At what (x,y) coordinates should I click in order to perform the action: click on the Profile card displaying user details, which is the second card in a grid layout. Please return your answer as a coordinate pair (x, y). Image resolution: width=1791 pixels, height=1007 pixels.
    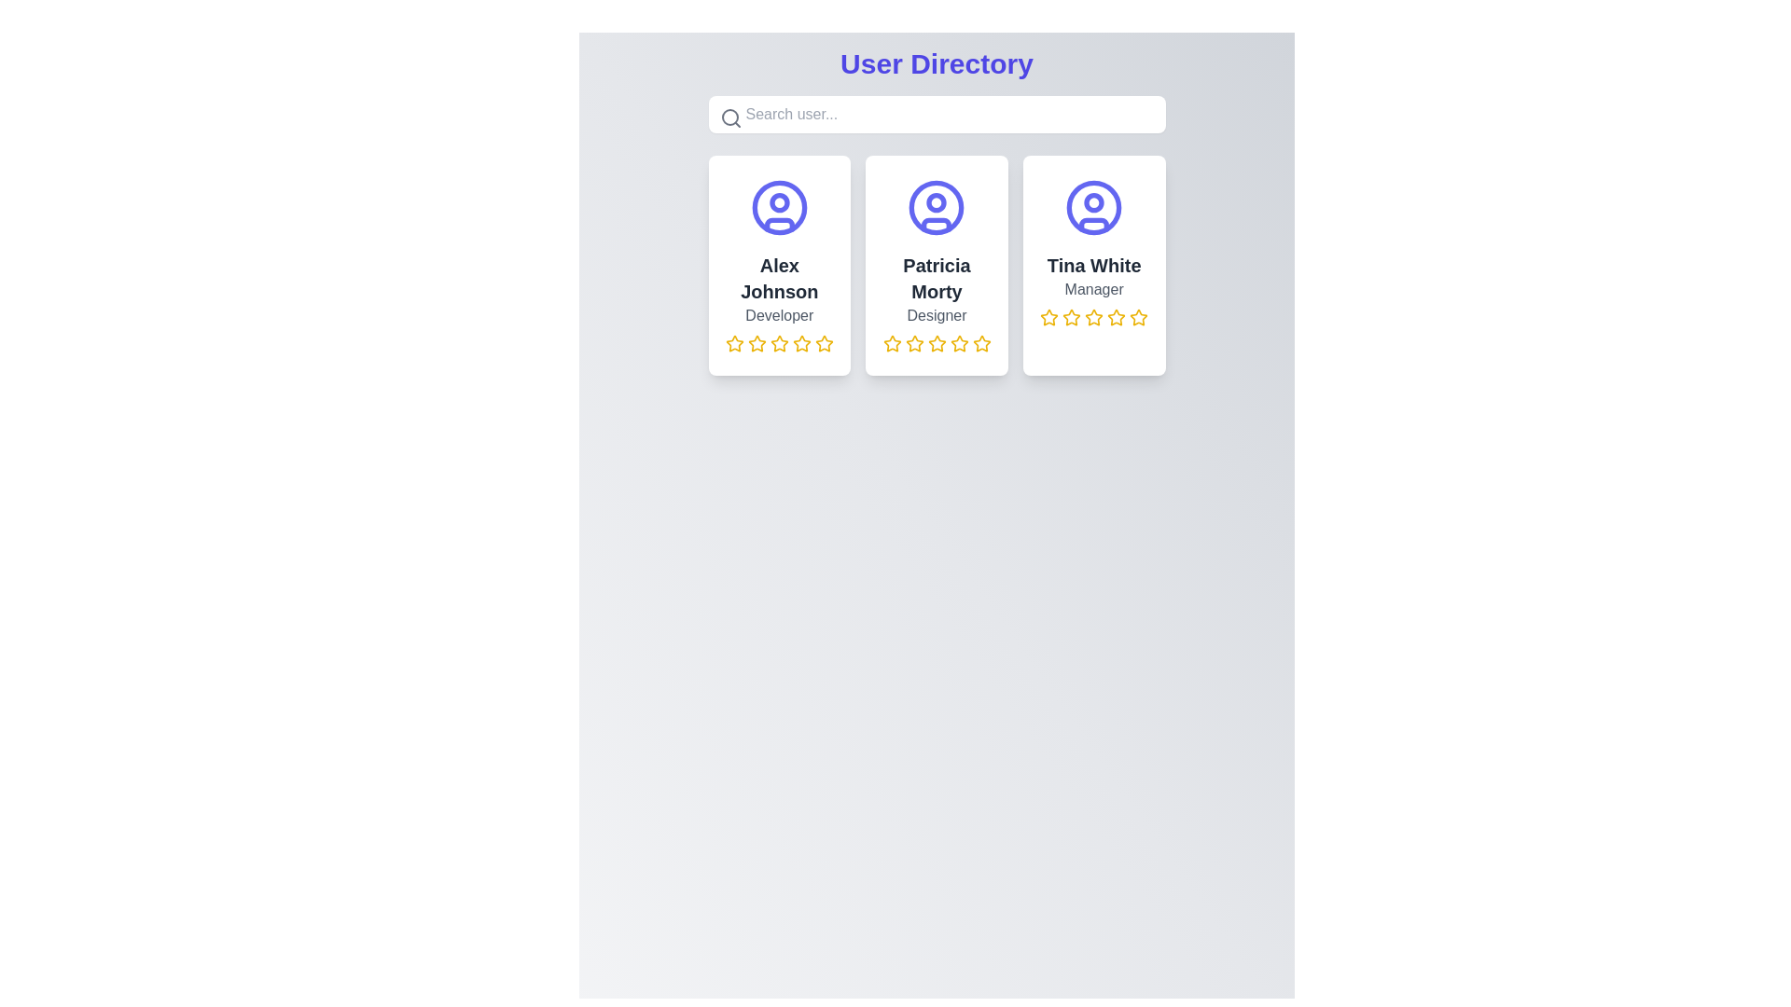
    Looking at the image, I should click on (937, 266).